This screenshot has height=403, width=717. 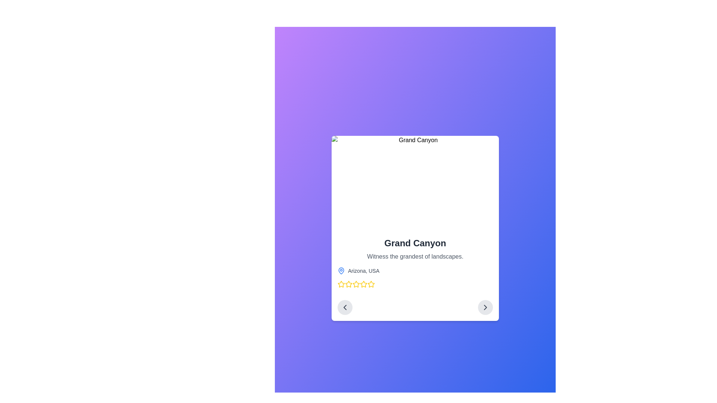 What do you see at coordinates (371, 284) in the screenshot?
I see `the fourth star in the star rating icon row below 'Arizona, USA' to rate it` at bounding box center [371, 284].